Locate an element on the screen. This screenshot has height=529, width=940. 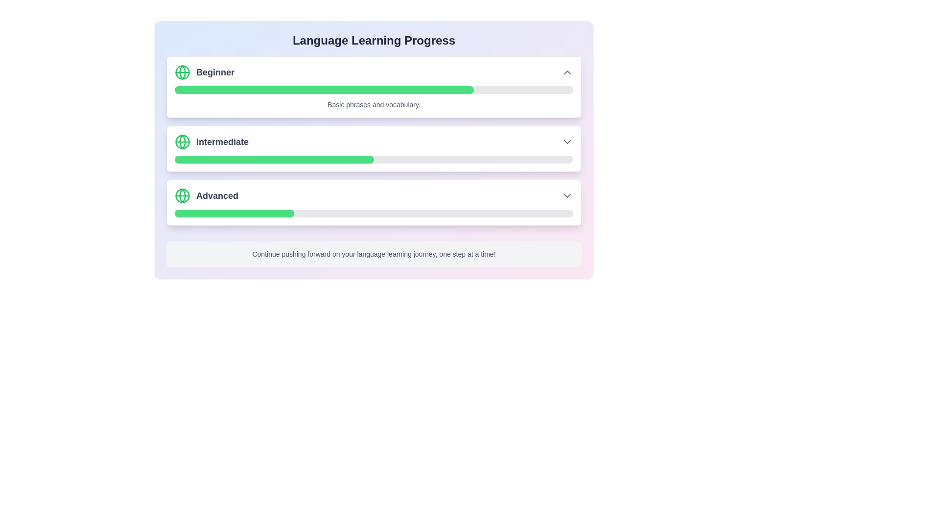
the 'Intermediate' proficiency level text label in the language learning course, which is centrally located between the 'Beginner' and 'Advanced' sections, adjacent to a green globe icon is located at coordinates (222, 142).